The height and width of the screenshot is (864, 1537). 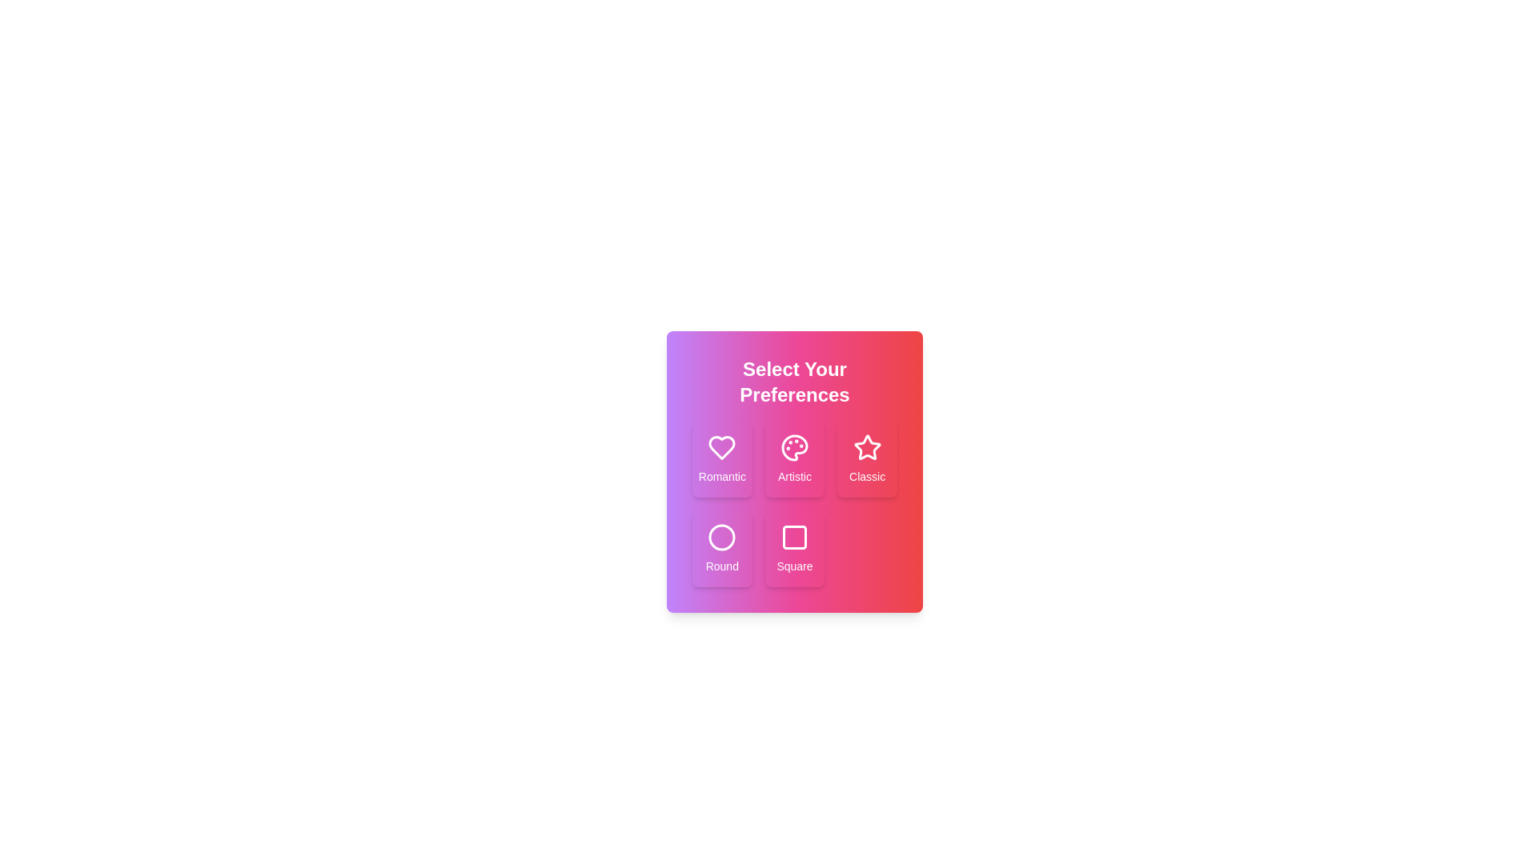 I want to click on the preference option Classic, so click(x=866, y=459).